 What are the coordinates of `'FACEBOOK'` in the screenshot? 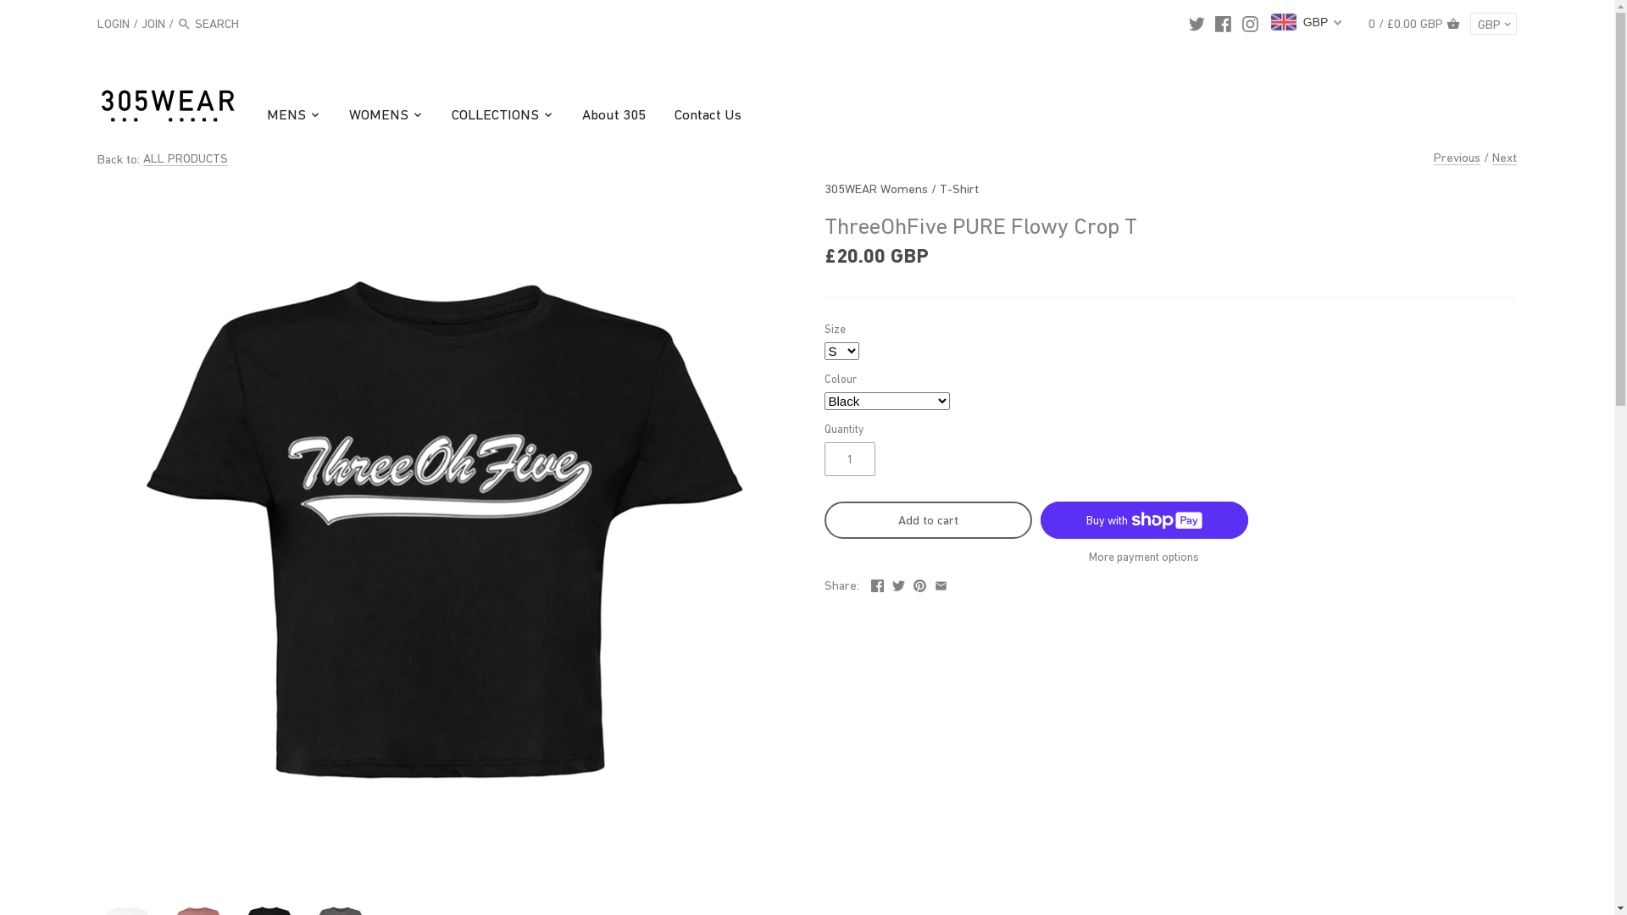 It's located at (1223, 23).